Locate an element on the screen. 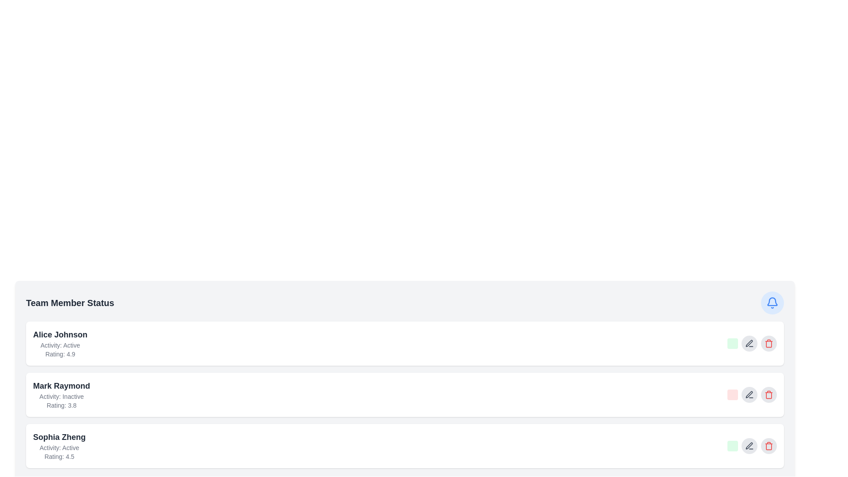 The height and width of the screenshot is (477, 848). the edit button with a pencil icon located in the bottom-right section of the entry for 'Sophia Zheng' to initiate an edit action is located at coordinates (752, 446).